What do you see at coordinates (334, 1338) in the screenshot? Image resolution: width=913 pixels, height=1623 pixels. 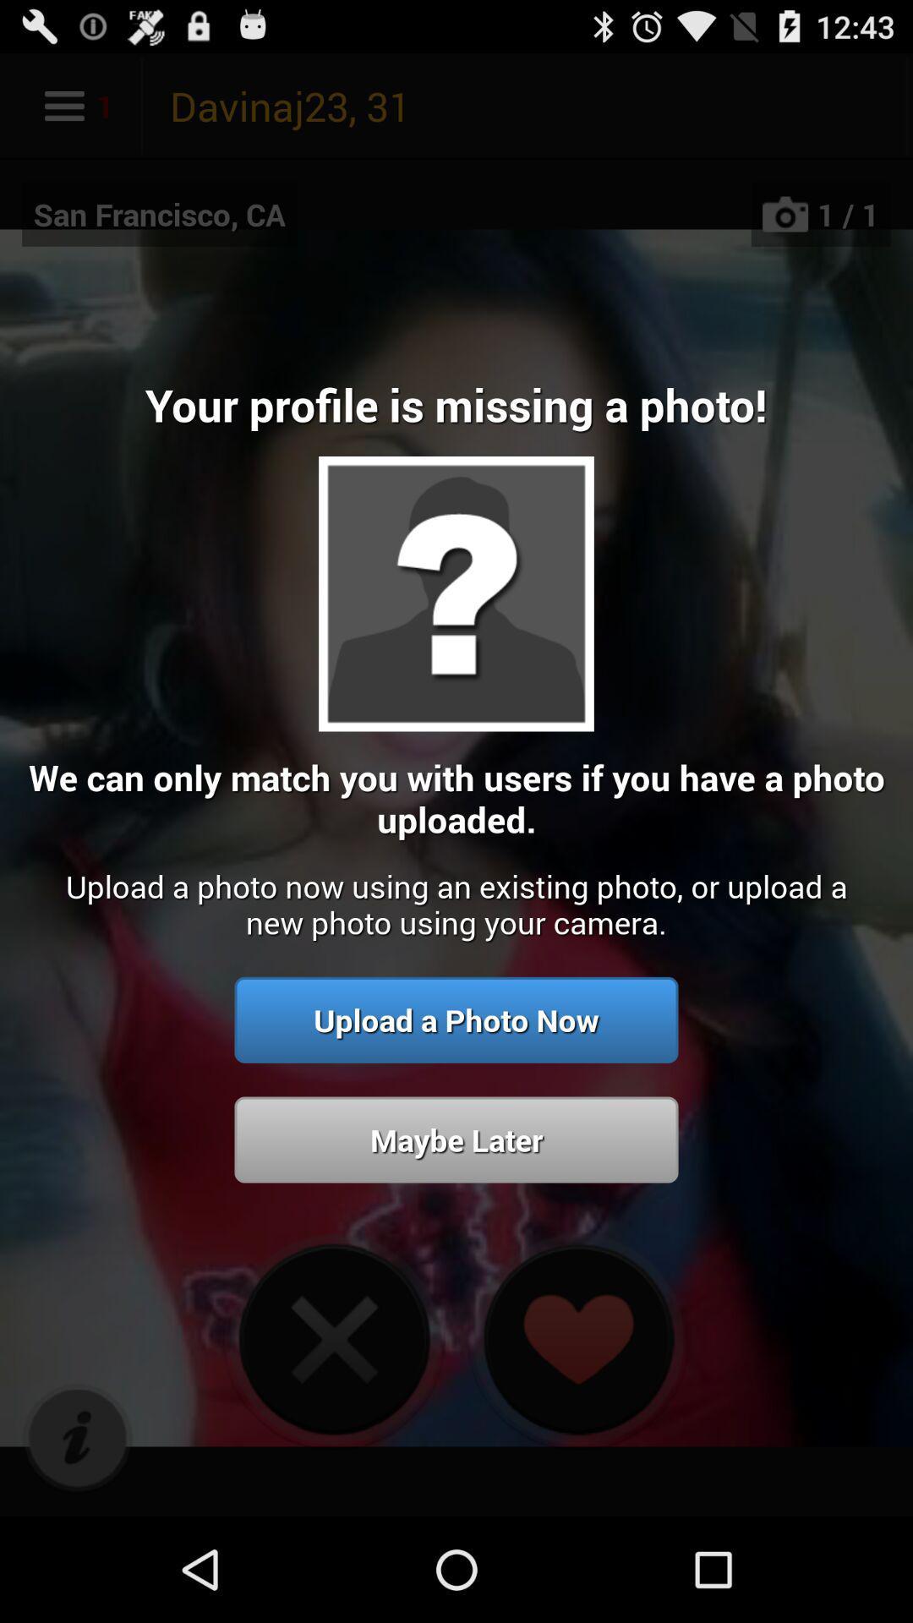 I see `the profile` at bounding box center [334, 1338].